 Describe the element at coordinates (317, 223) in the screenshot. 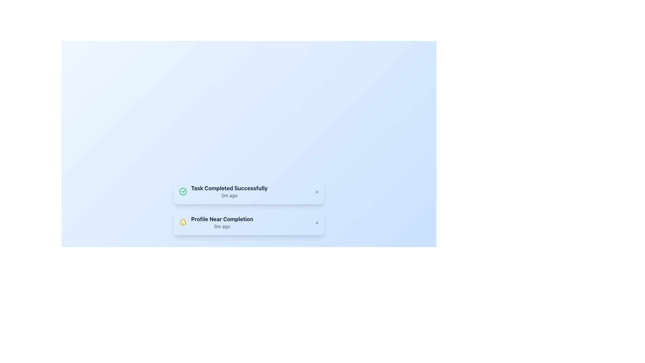

I see `the small gray '×' icon in the top-right corner of the 'Profile Near Completion' notification block` at that location.